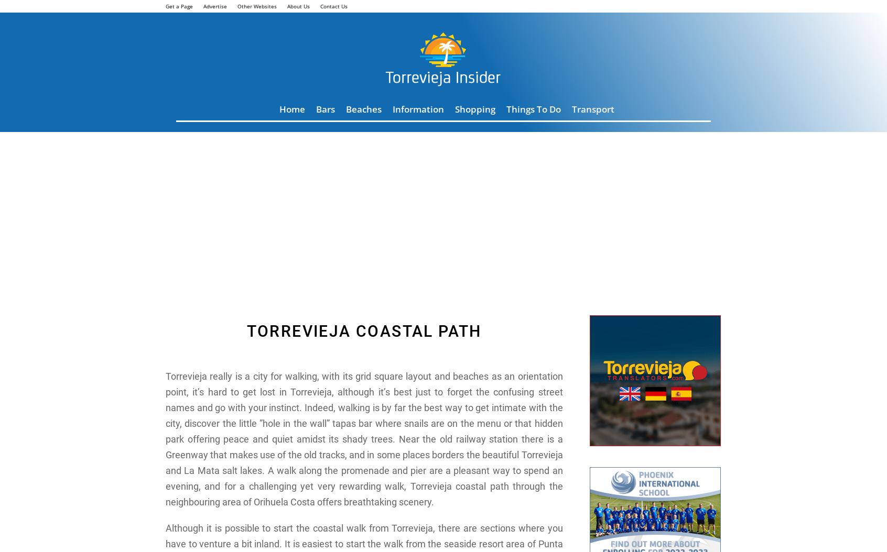 Image resolution: width=887 pixels, height=552 pixels. I want to click on 'Home', so click(292, 108).